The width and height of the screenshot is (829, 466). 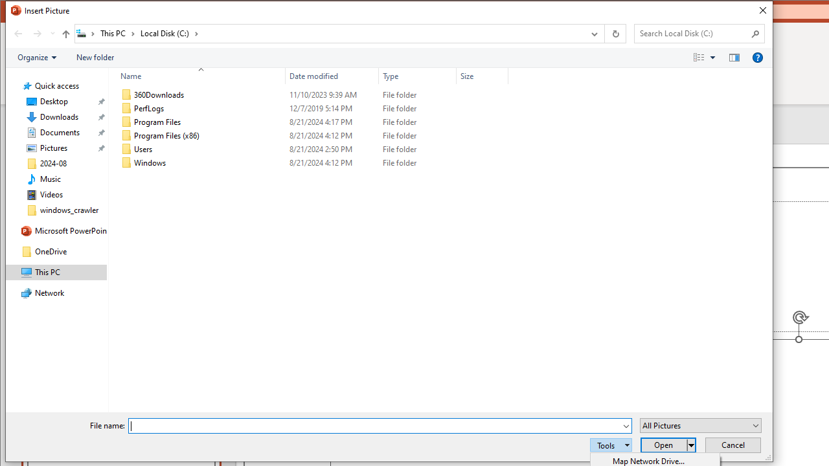 What do you see at coordinates (33, 32) in the screenshot?
I see `'Navigation buttons'` at bounding box center [33, 32].